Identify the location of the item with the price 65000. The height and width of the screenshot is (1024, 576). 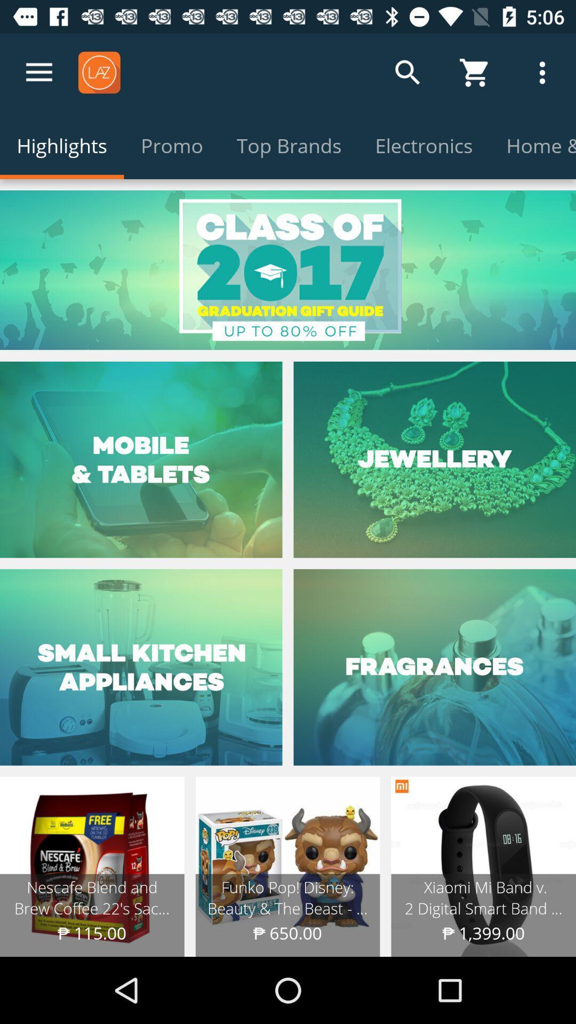
(288, 867).